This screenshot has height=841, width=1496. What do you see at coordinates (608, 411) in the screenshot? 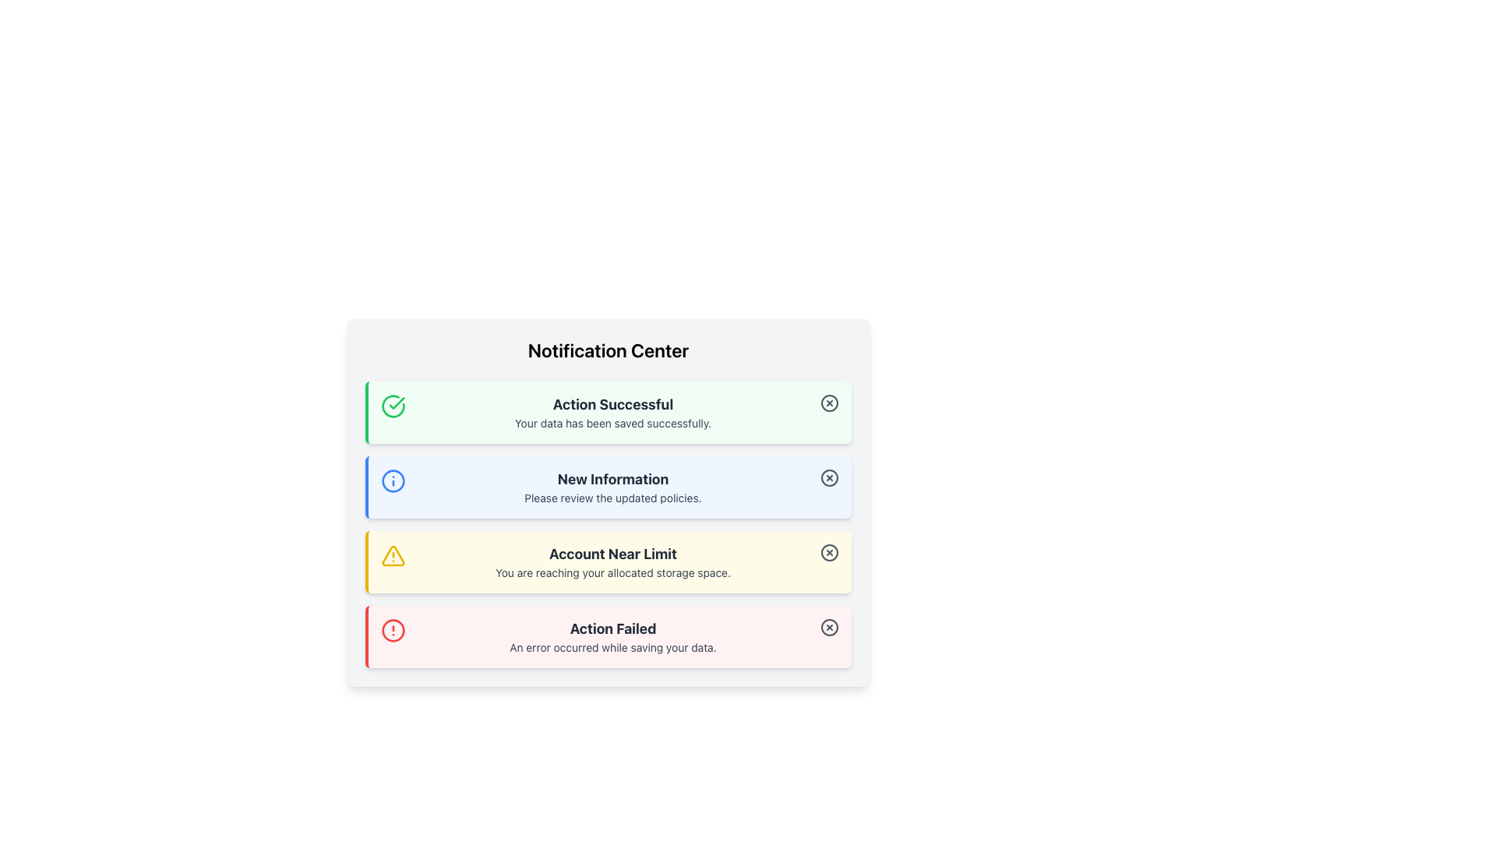
I see `information displayed in the Notification Box with a light green background that states 'Action Successful' and 'Your data has been saved successfully.'` at bounding box center [608, 411].